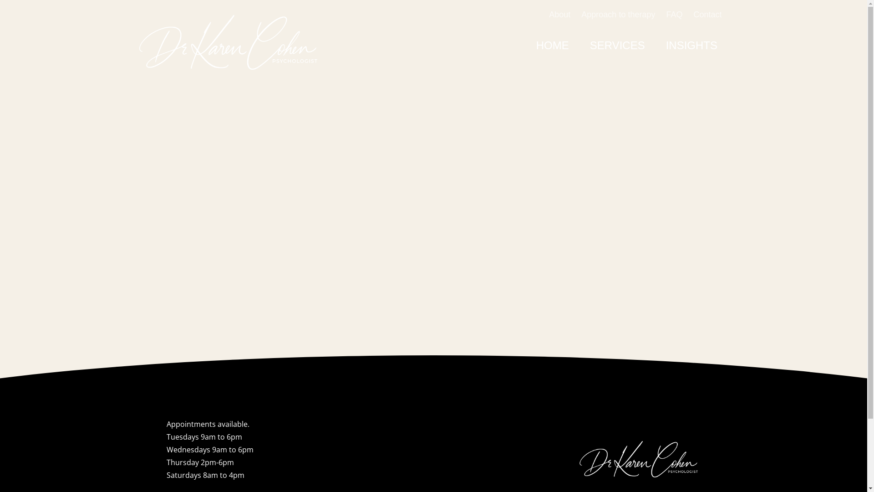 This screenshot has width=874, height=492. I want to click on 'HOME', so click(552, 46).